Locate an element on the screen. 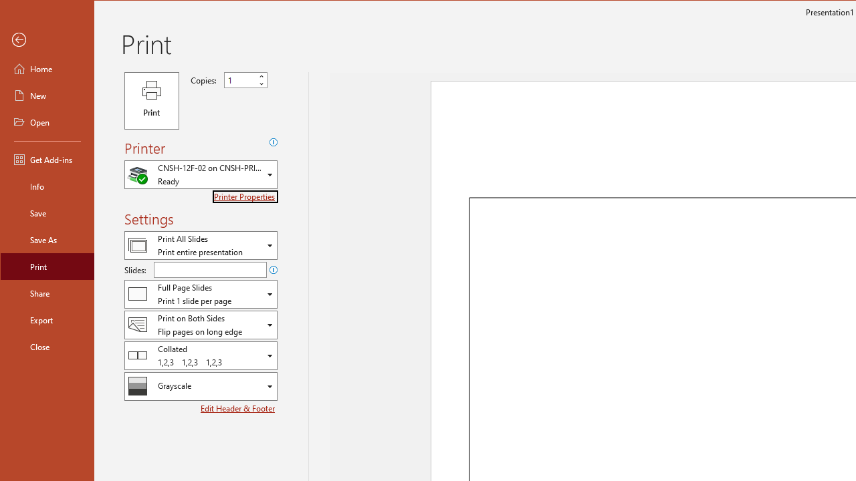  'Print What' is located at coordinates (200, 245).